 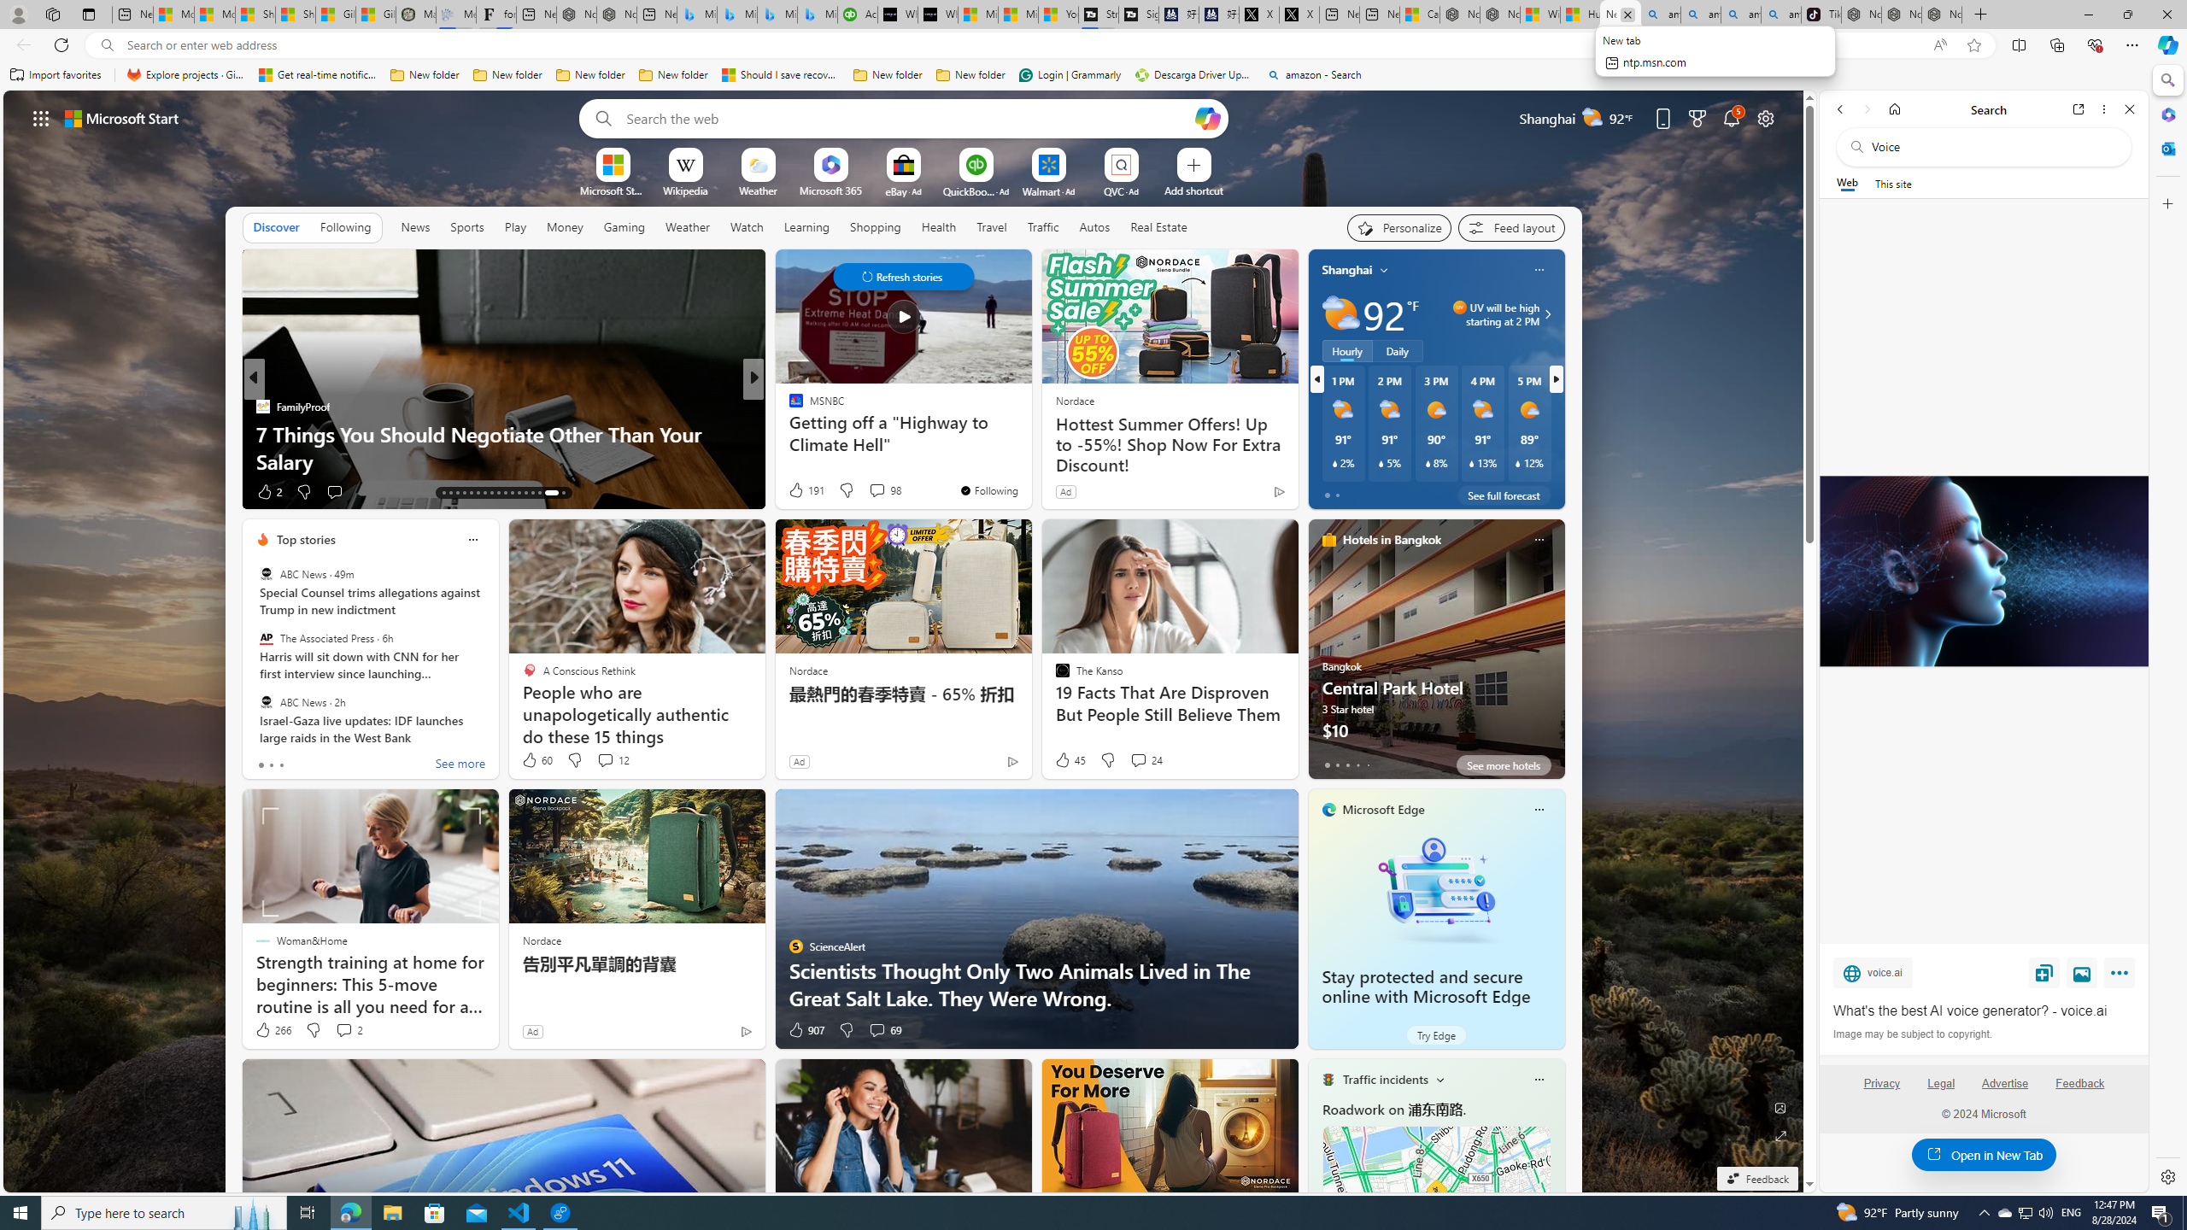 I want to click on 'Edit Background', so click(x=1780, y=1106).